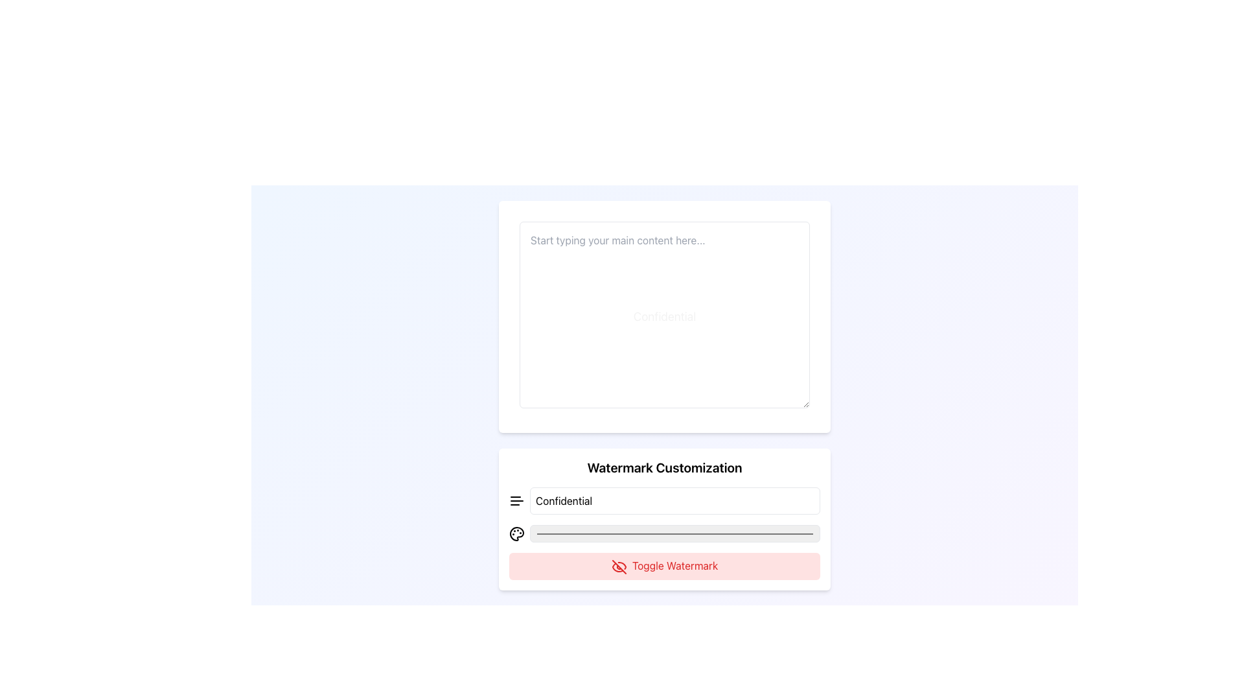 This screenshot has width=1244, height=700. Describe the element at coordinates (770, 533) in the screenshot. I see `the color slider` at that location.